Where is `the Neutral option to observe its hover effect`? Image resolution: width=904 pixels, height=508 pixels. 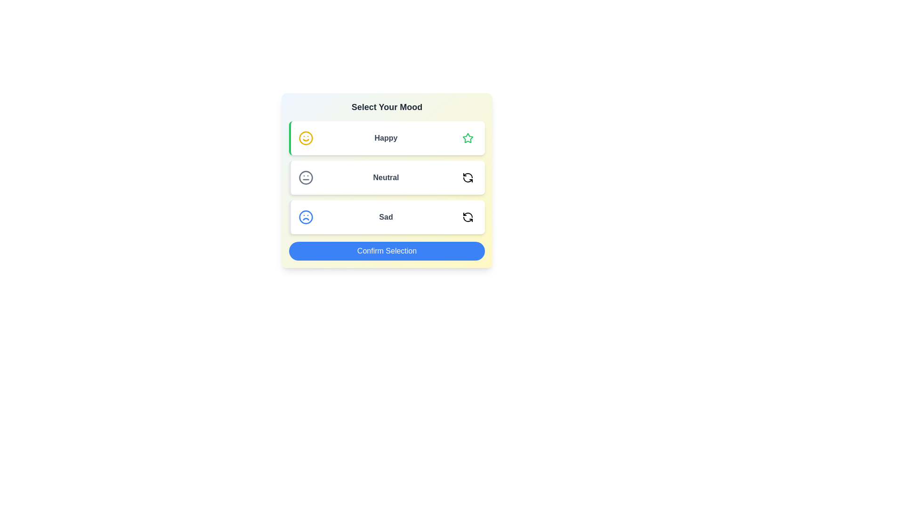 the Neutral option to observe its hover effect is located at coordinates (387, 178).